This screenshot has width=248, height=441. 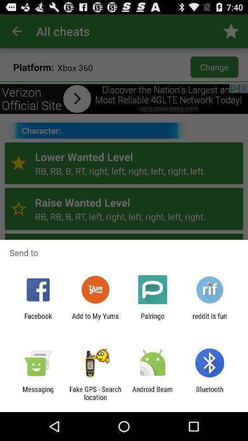 I want to click on item next to add to my item, so click(x=152, y=320).